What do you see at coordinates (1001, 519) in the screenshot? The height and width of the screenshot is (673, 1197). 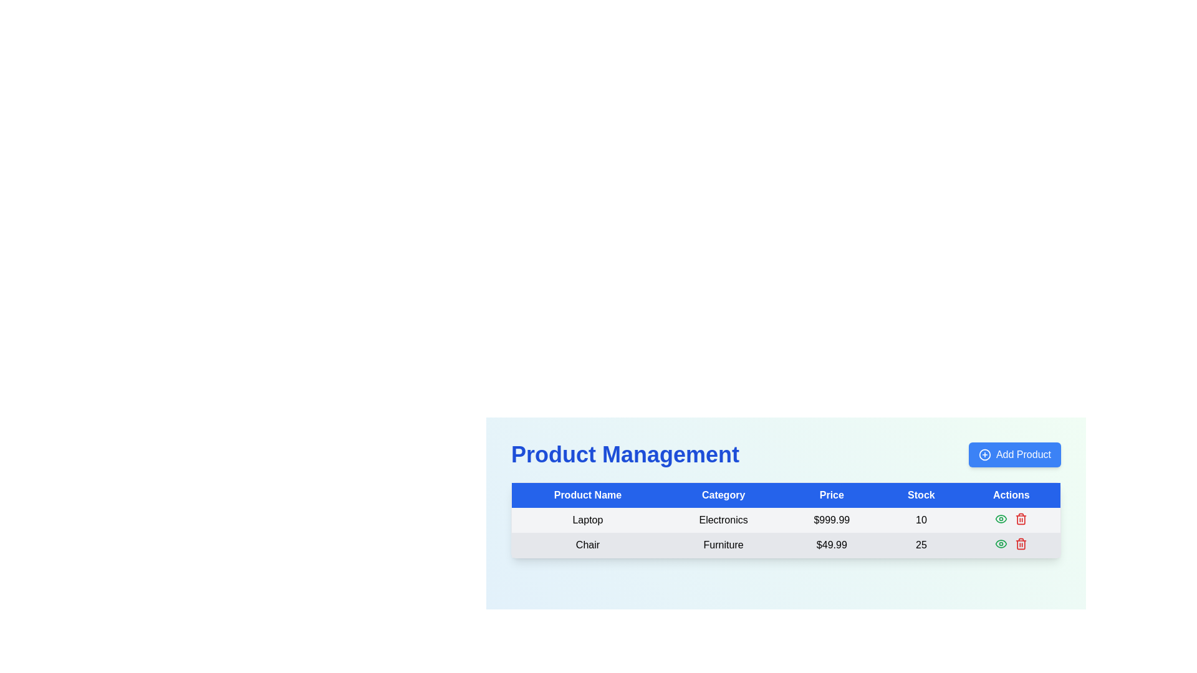 I see `the 'view' Icon Button in the 'Actions' column of the first row in the 'Product Management' table` at bounding box center [1001, 519].